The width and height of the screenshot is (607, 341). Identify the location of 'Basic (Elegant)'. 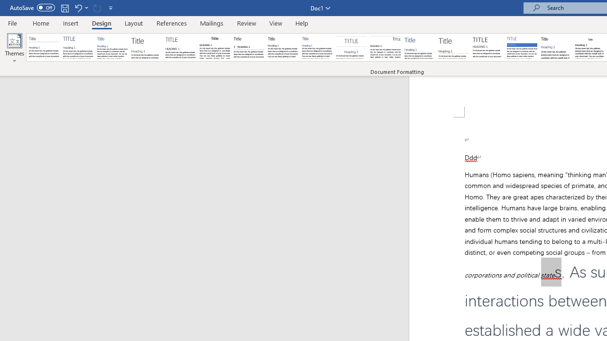
(78, 47).